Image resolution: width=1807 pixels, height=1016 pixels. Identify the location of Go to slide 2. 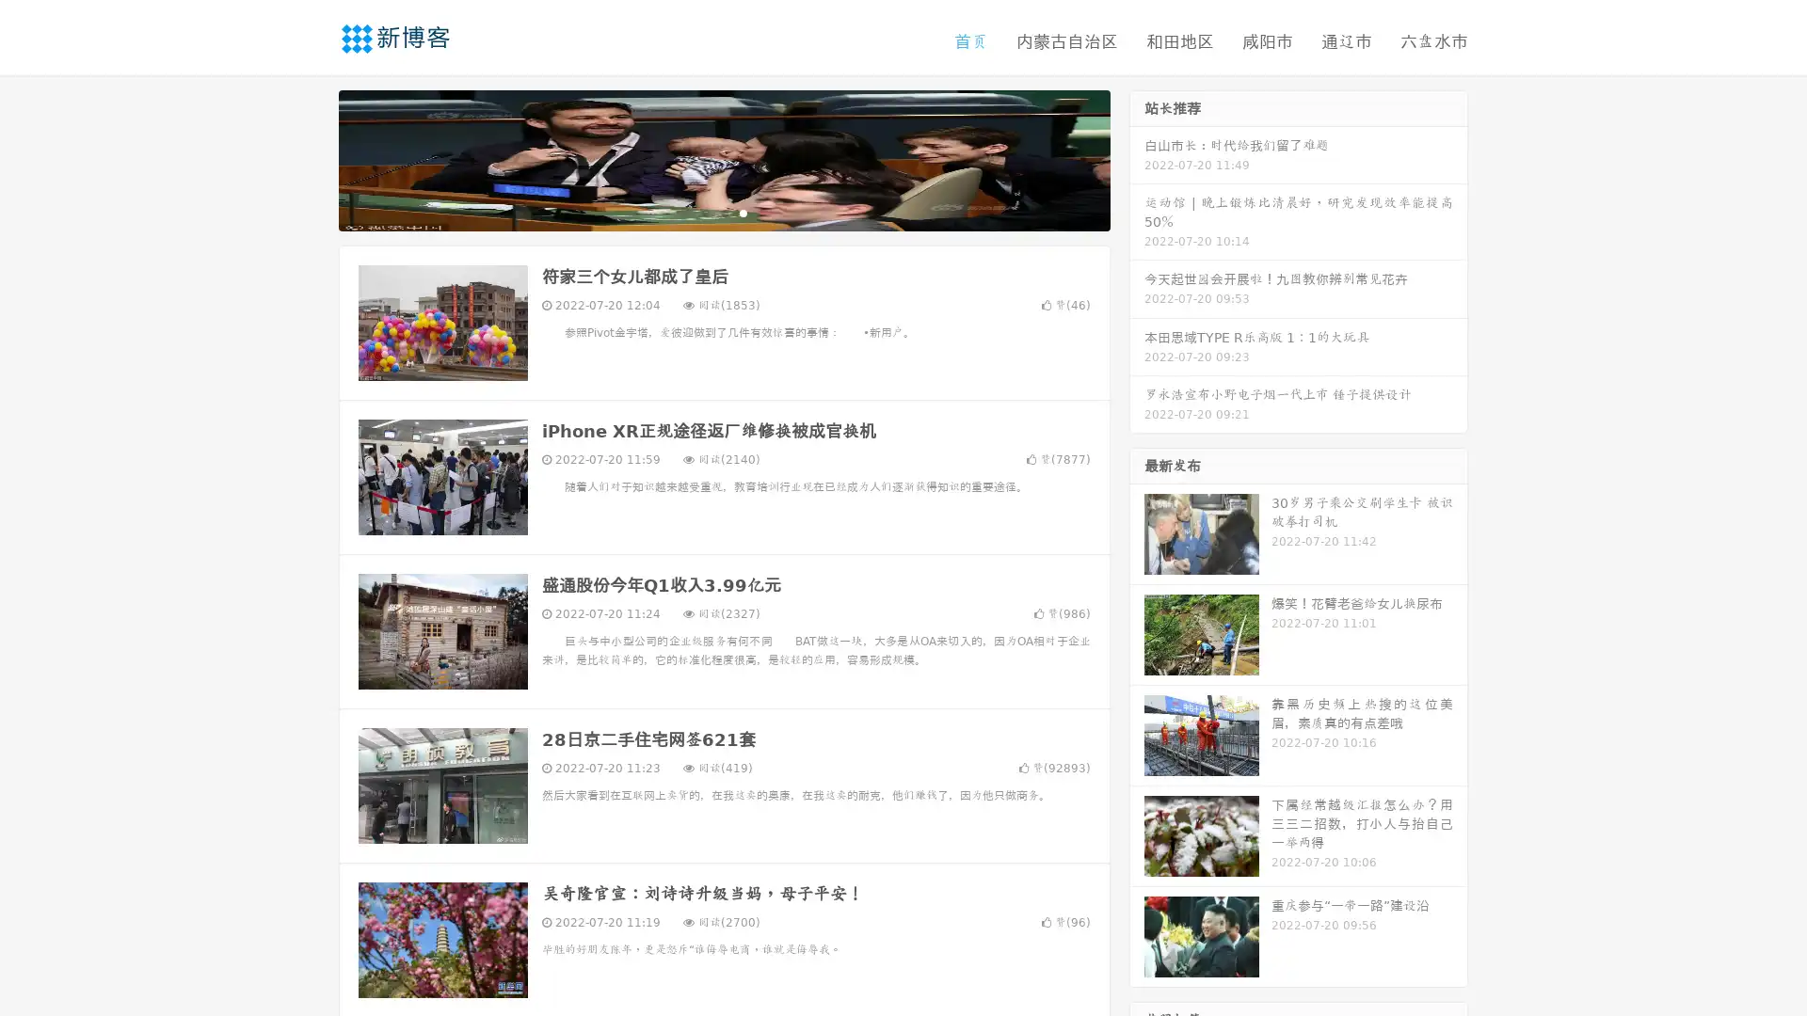
(723, 212).